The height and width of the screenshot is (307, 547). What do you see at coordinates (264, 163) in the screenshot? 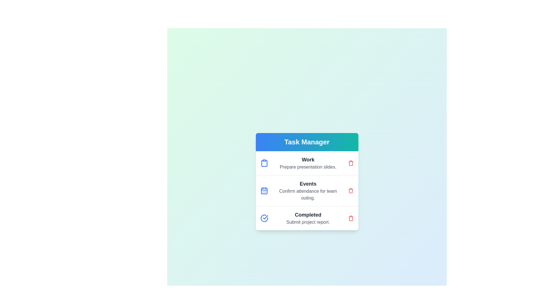
I see `the task icon clipboard to interact with it` at bounding box center [264, 163].